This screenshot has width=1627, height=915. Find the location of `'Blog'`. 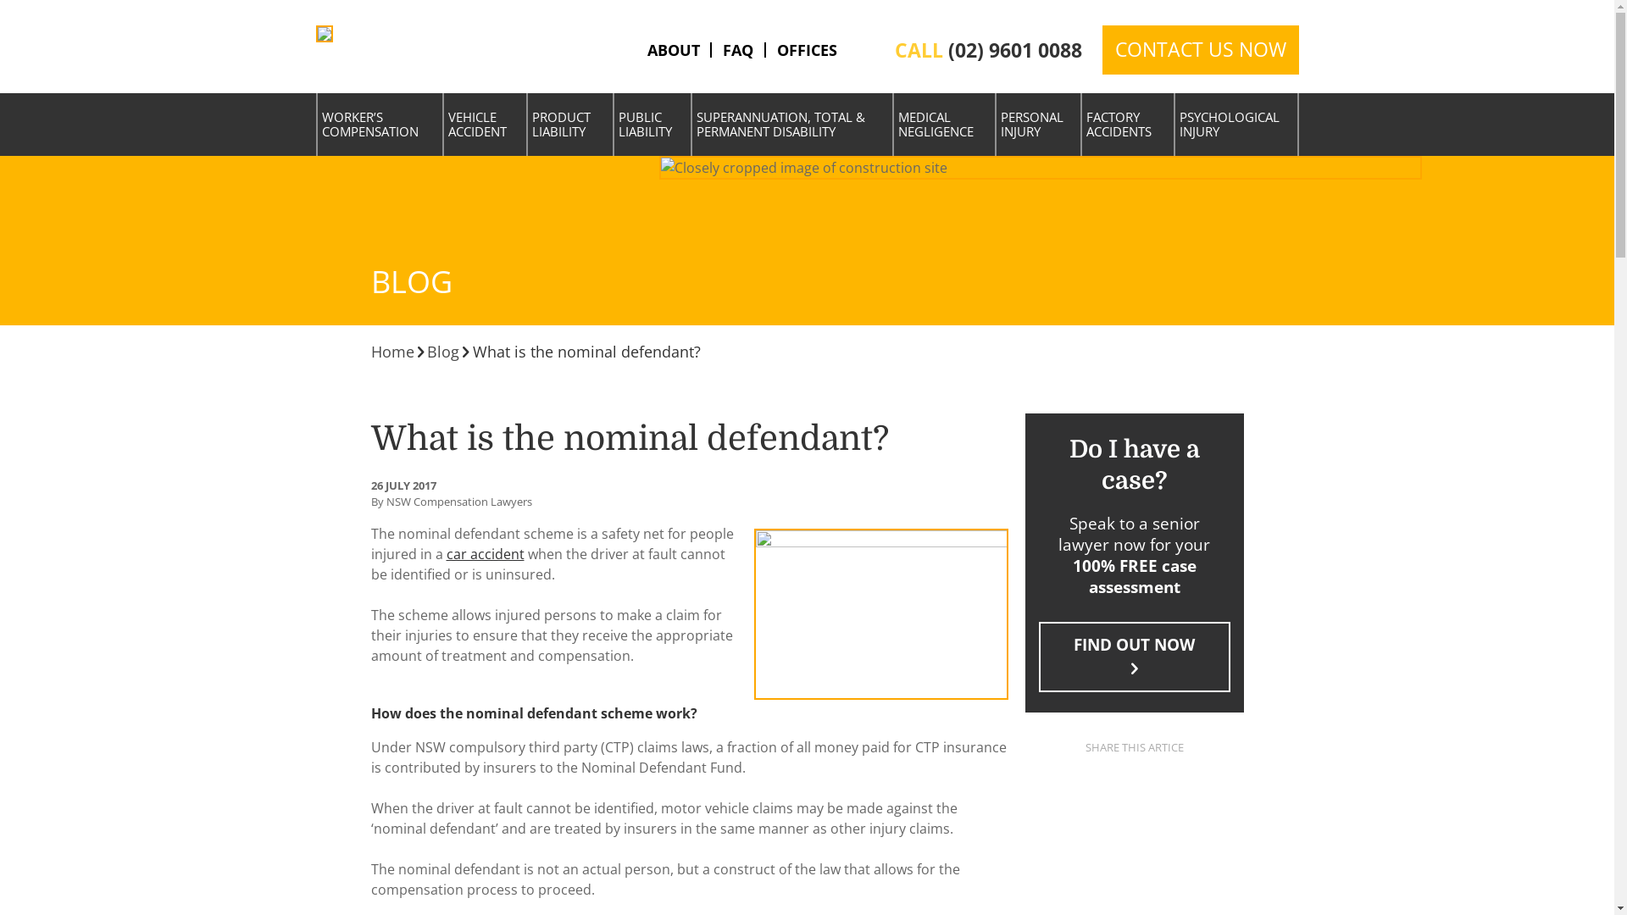

'Blog' is located at coordinates (443, 351).